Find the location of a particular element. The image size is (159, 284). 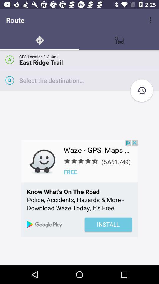

open advertisement for wazew is located at coordinates (79, 188).